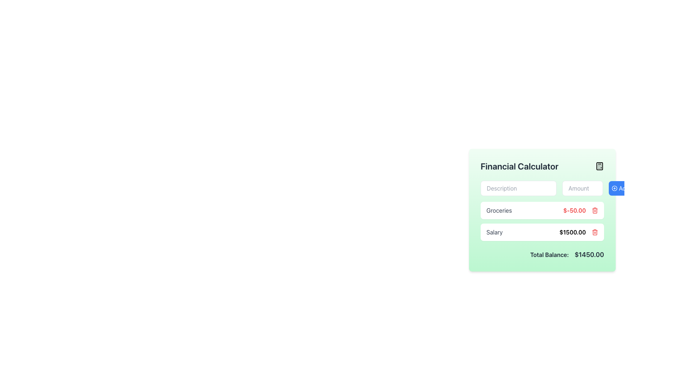 The height and width of the screenshot is (392, 697). I want to click on the first list item in the transaction list, which displays 'Groceries' on the left and a red '$-50.00' on the right, along with a trash icon for deletion, so click(542, 210).